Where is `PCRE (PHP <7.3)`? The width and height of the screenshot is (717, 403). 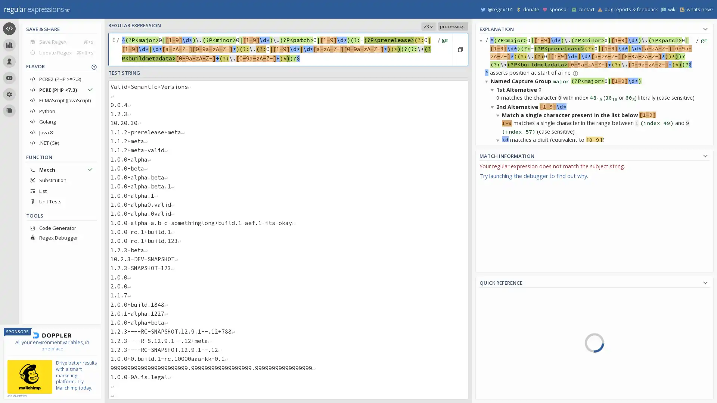 PCRE (PHP <7.3) is located at coordinates (61, 89).